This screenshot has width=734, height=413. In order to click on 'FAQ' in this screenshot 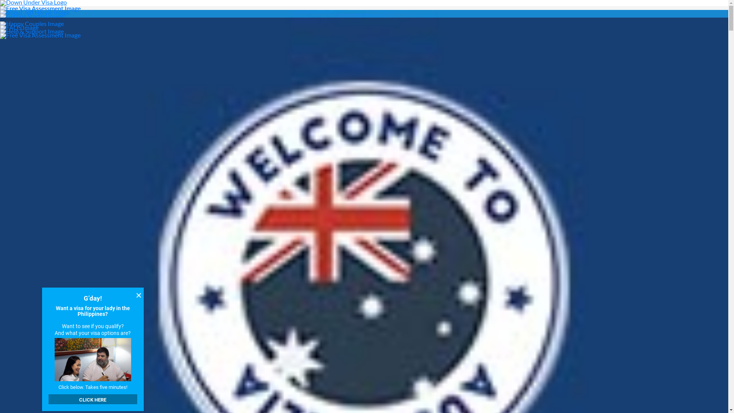, I will do `click(0, 26)`.